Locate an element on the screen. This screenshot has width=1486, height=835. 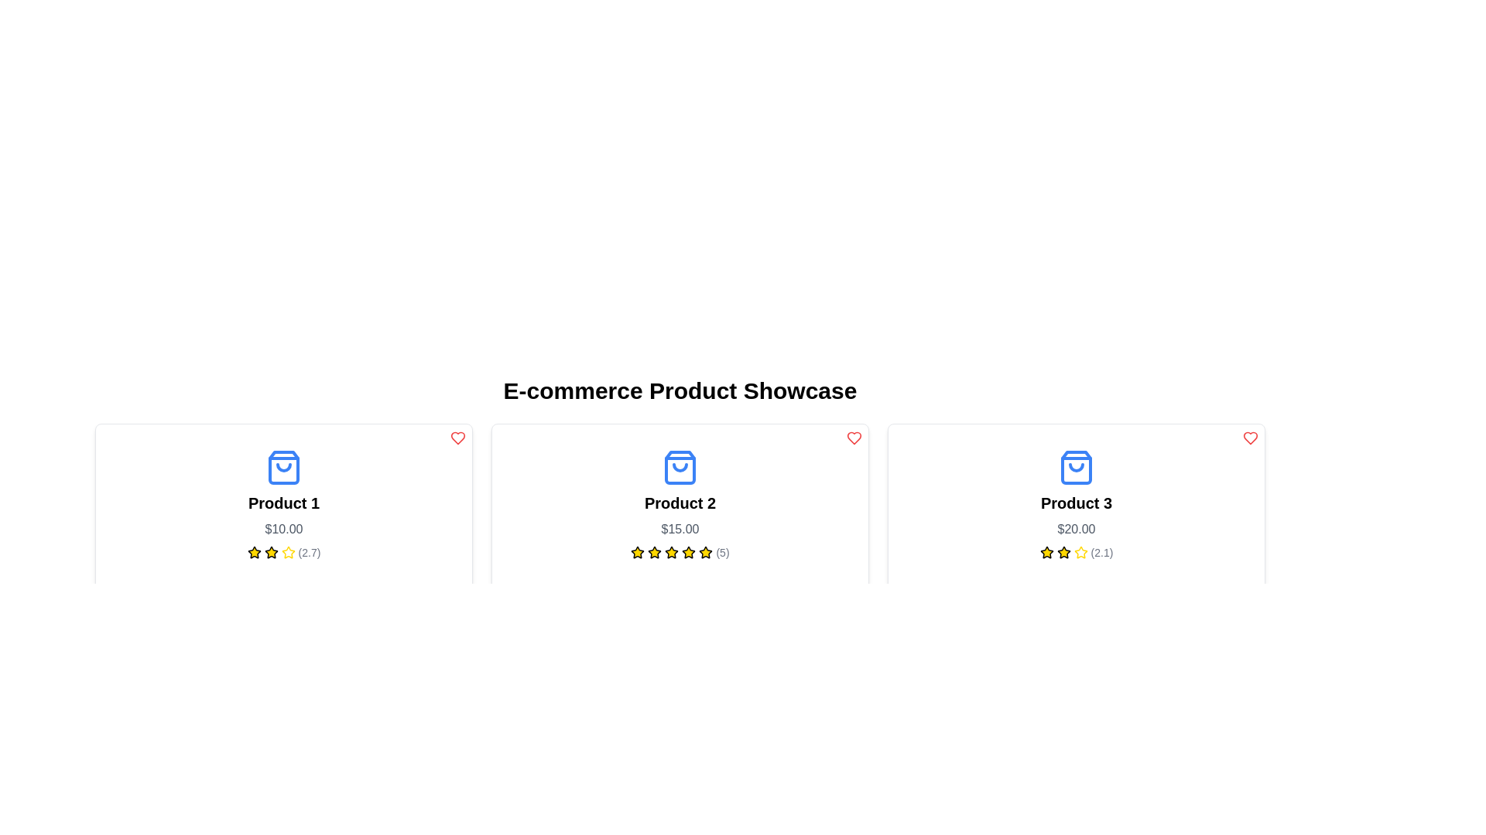
the first star icon in the rating section below the 'Product 1' card to interact with it is located at coordinates (271, 551).